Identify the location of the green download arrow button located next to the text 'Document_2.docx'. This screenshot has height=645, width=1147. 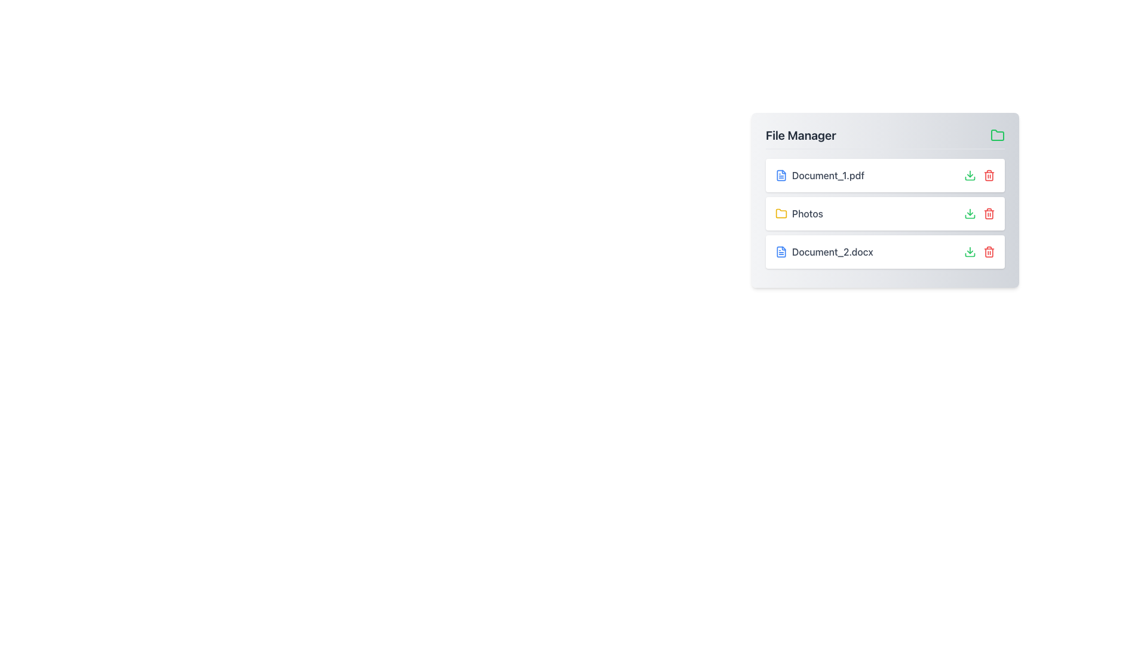
(970, 251).